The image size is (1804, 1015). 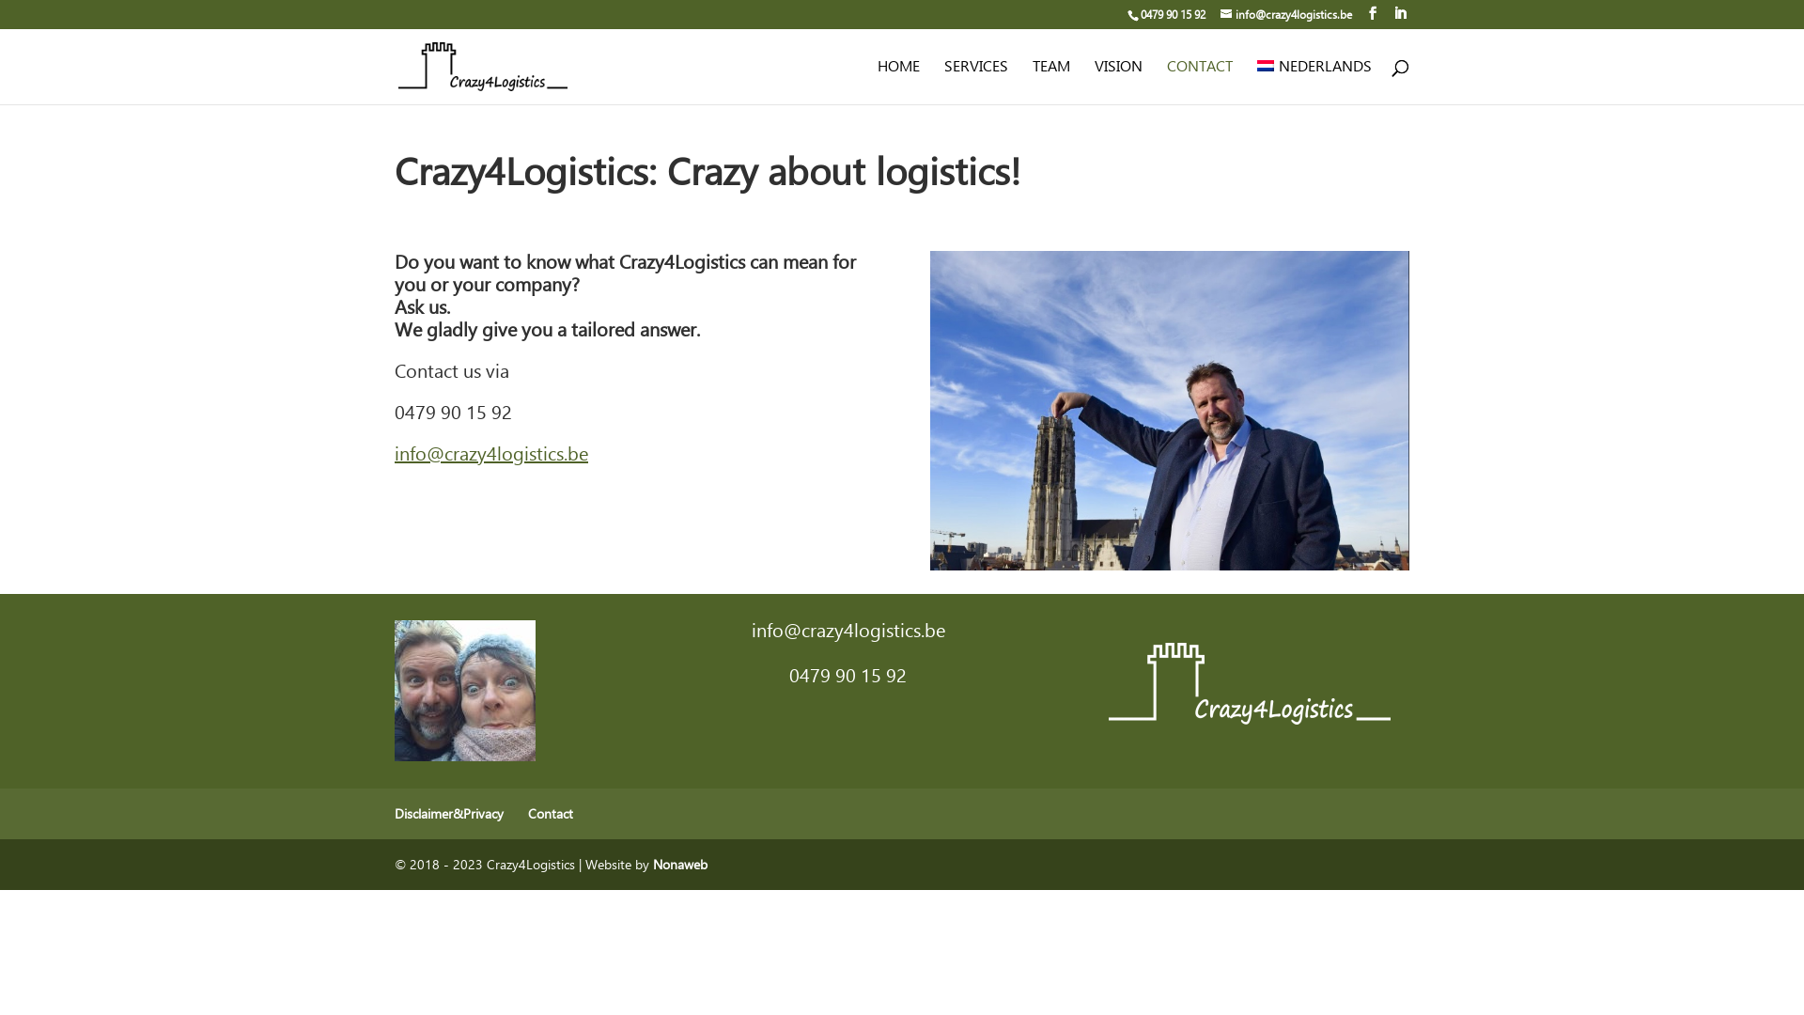 I want to click on 'SERVICES', so click(x=975, y=81).